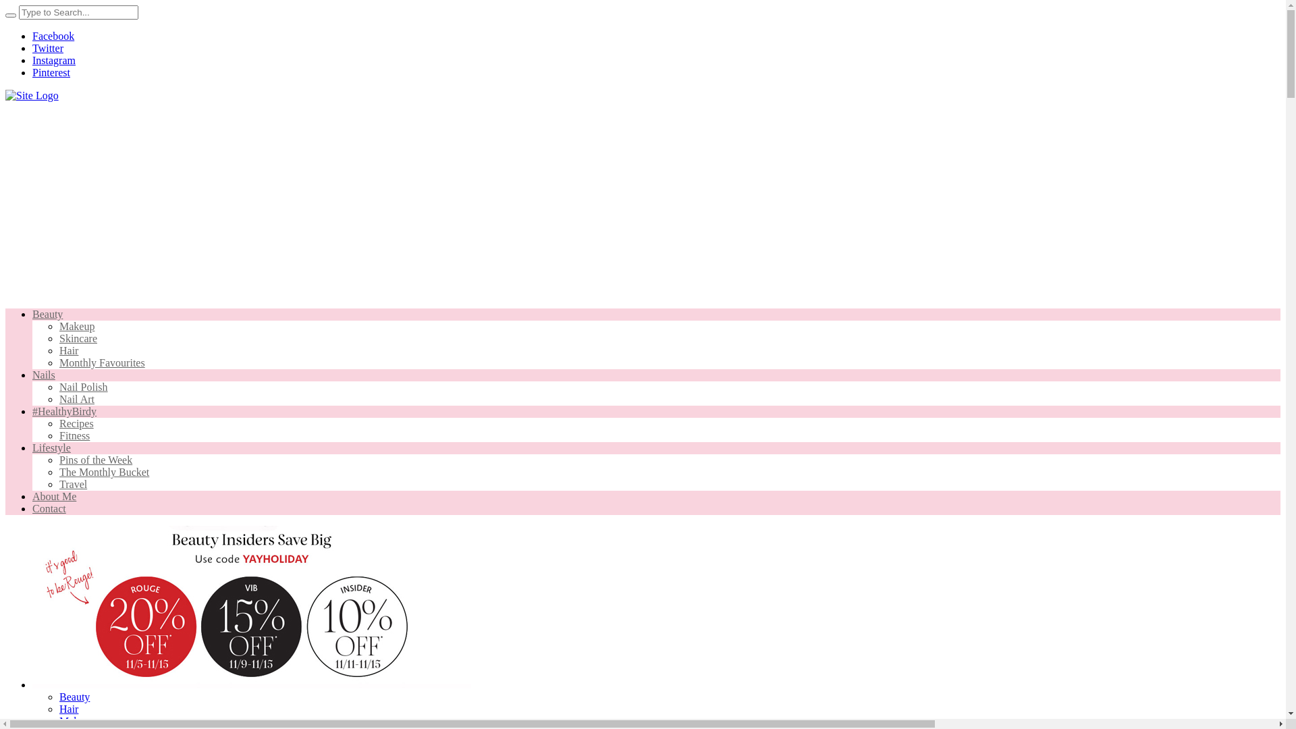  What do you see at coordinates (32, 35) in the screenshot?
I see `'Facebook'` at bounding box center [32, 35].